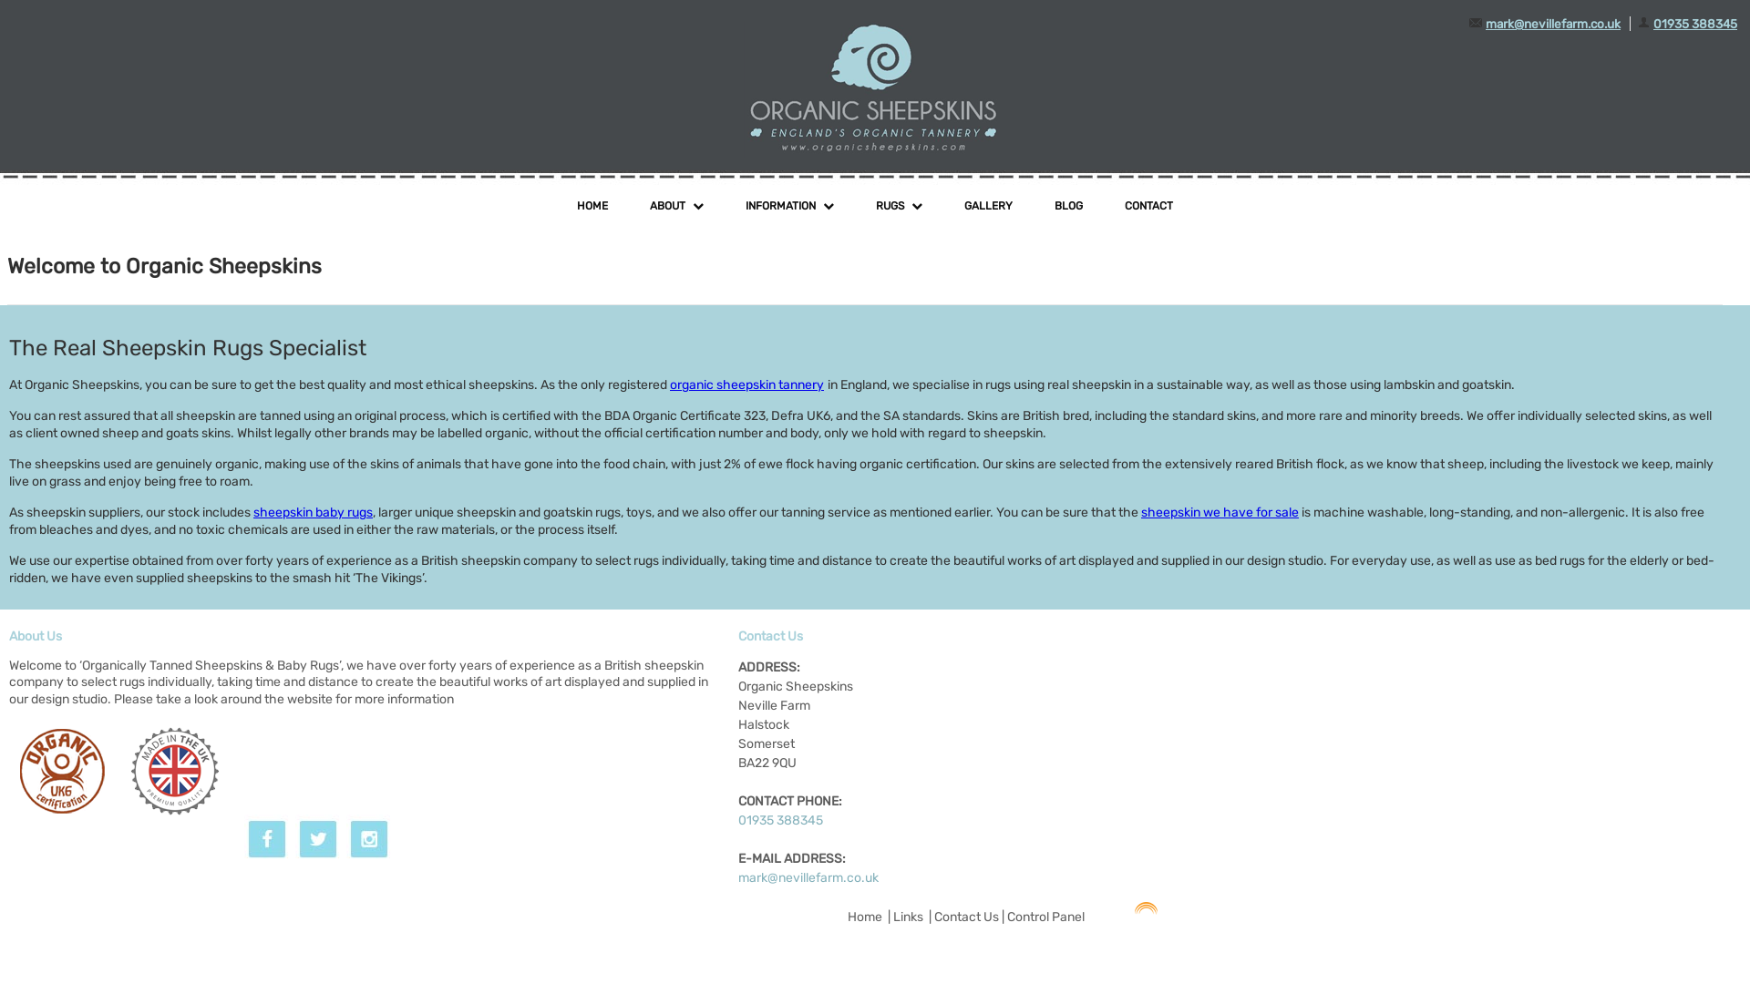 The height and width of the screenshot is (984, 1750). Describe the element at coordinates (738, 818) in the screenshot. I see `'01935 388345'` at that location.